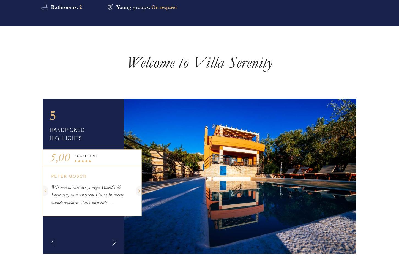 Image resolution: width=399 pixels, height=268 pixels. What do you see at coordinates (119, 147) in the screenshot?
I see `'HANDPICKED VILLAS'` at bounding box center [119, 147].